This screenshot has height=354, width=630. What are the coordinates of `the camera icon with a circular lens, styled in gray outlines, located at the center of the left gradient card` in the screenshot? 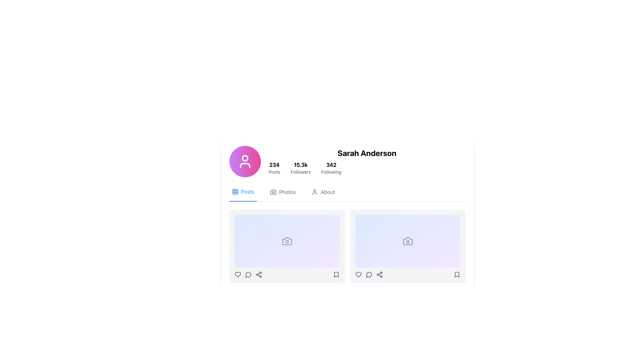 It's located at (287, 241).